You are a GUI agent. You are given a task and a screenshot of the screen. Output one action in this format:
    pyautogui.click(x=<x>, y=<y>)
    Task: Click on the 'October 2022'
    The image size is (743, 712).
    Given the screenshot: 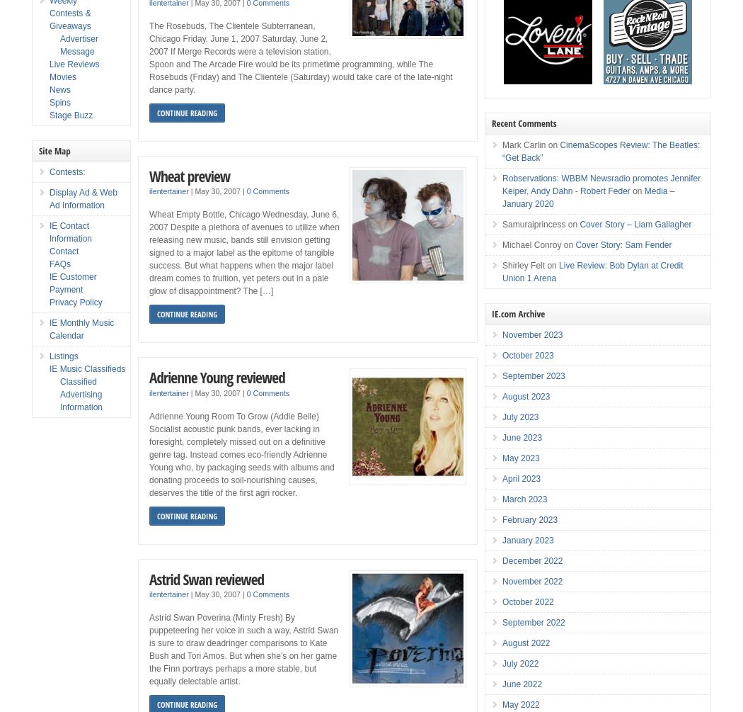 What is the action you would take?
    pyautogui.click(x=527, y=601)
    